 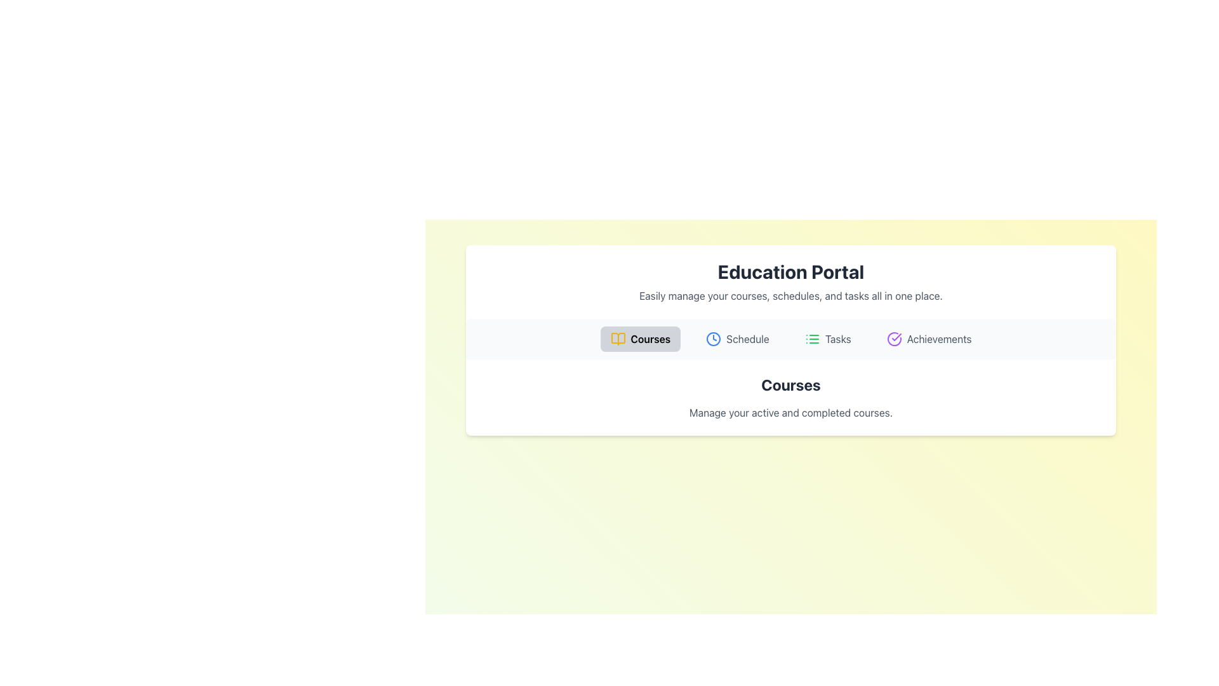 What do you see at coordinates (790, 338) in the screenshot?
I see `the Navigation Bar buttons in the Education Portal` at bounding box center [790, 338].